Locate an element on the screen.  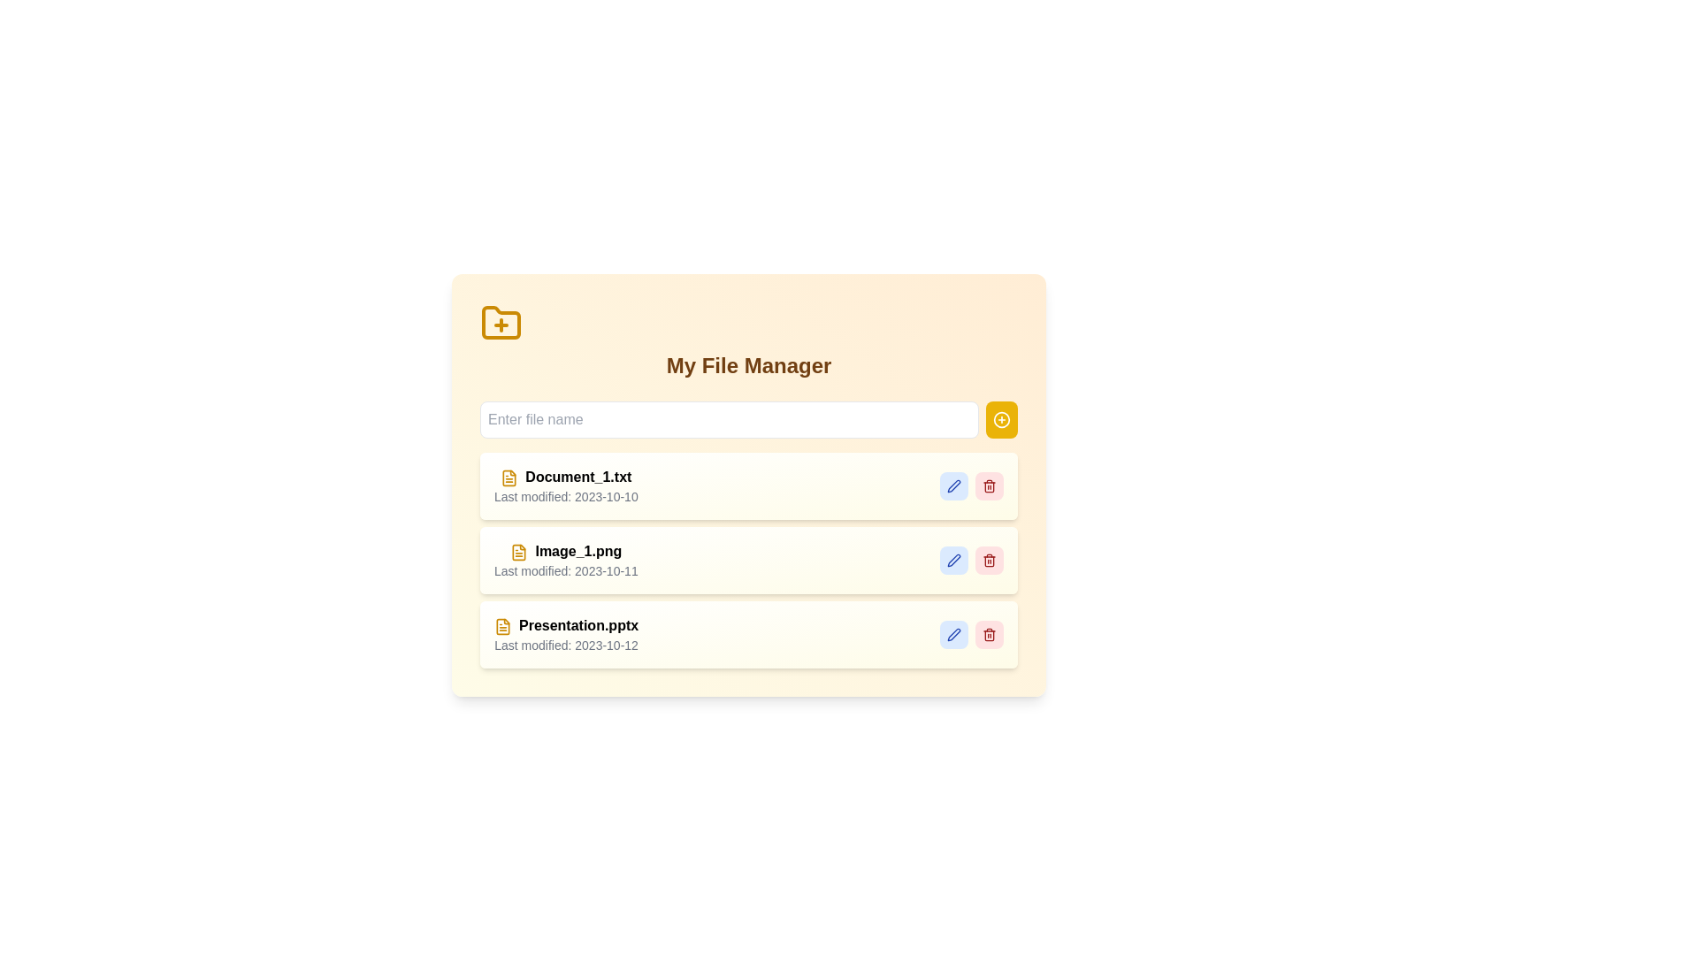
on the text label reading 'Presentation.pptx' located in the 'My File Manager' section is located at coordinates (578, 624).